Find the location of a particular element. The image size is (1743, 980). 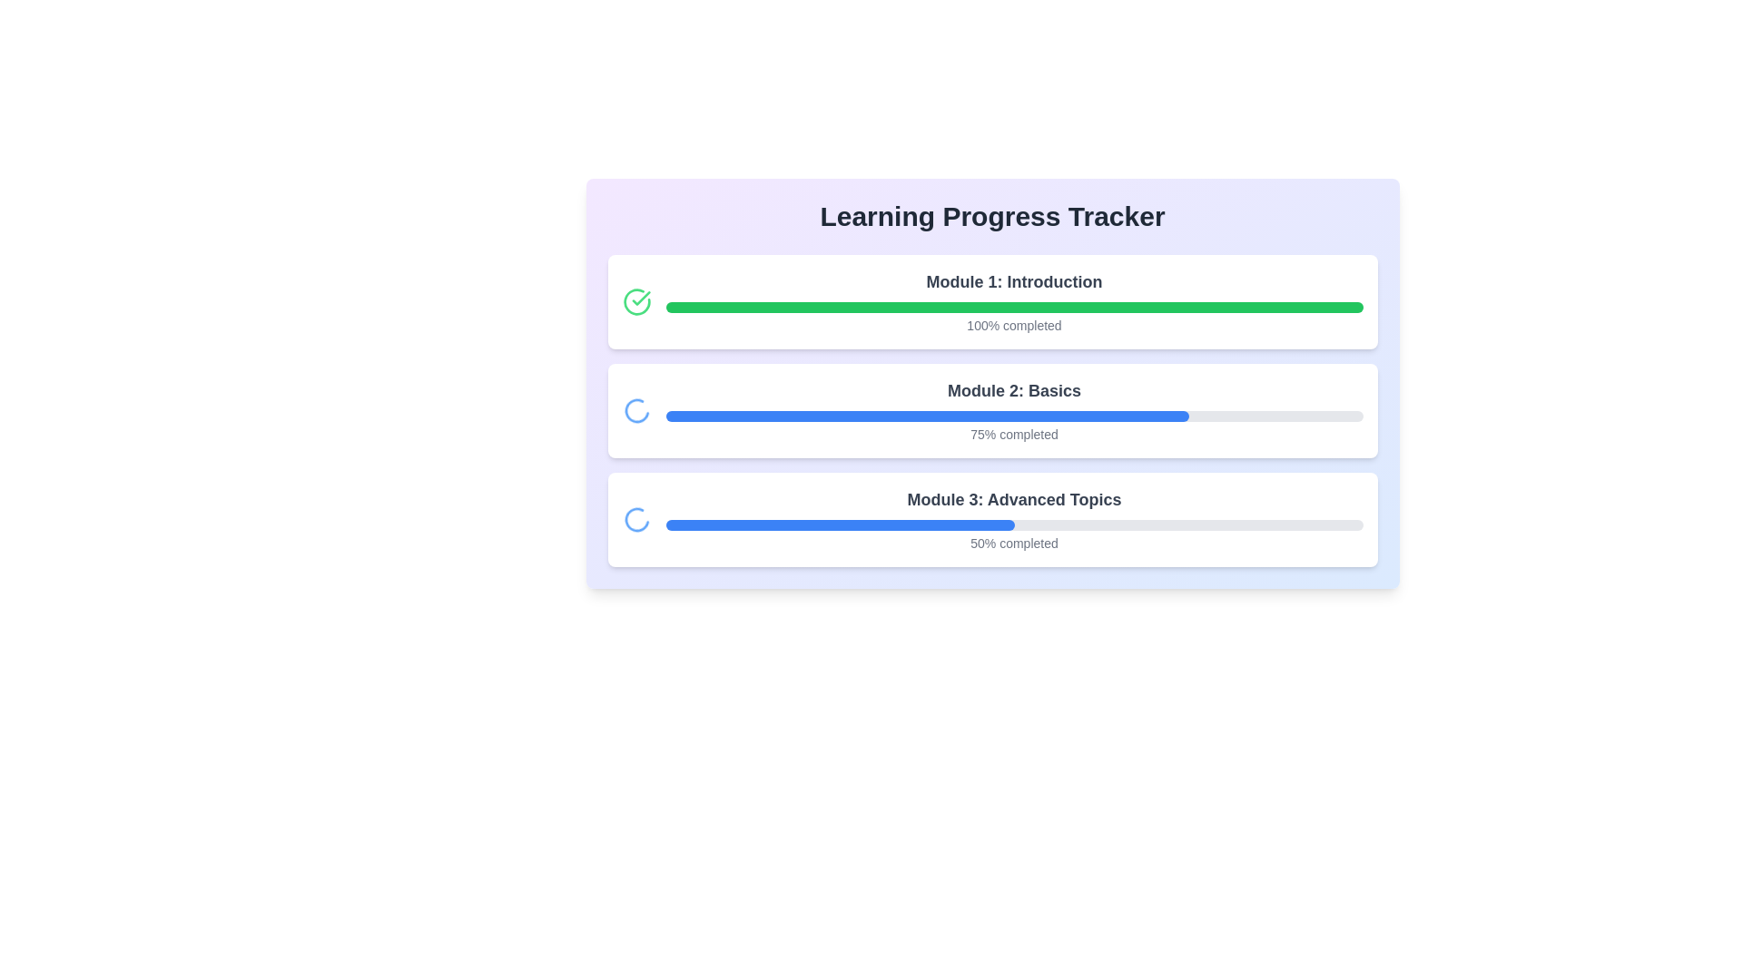

the Text header that identifies Module 2 in the progress tracker, which is positioned directly above the progress bar and completion percentage is located at coordinates (1013, 390).